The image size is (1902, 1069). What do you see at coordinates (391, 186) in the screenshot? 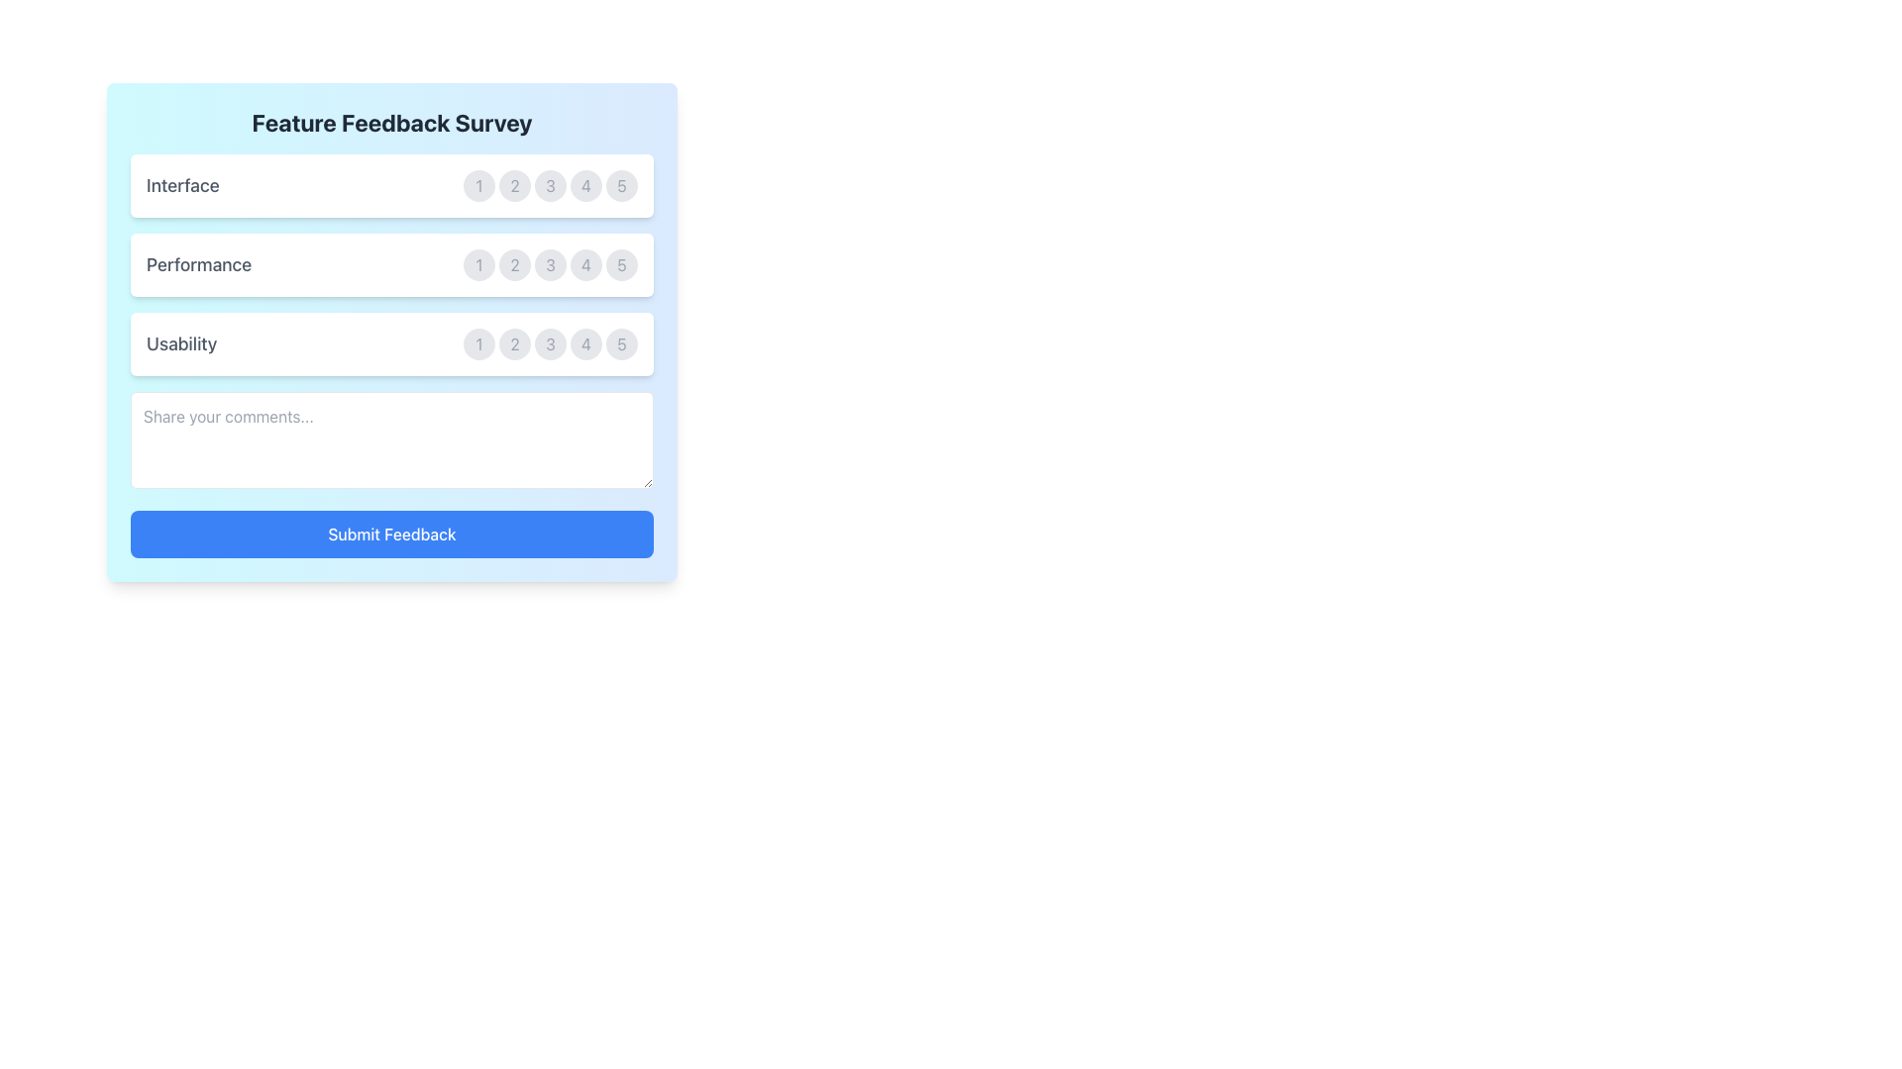
I see `one of the rating buttons (1 to 5) in the feedback section for rating the 'Interface' aspect of the survey, located below the title 'Feature Feedback Survey'` at bounding box center [391, 186].